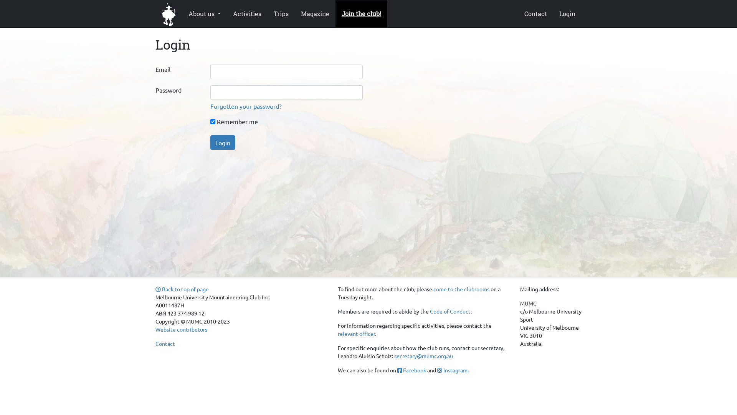  I want to click on 'Home page', so click(169, 13).